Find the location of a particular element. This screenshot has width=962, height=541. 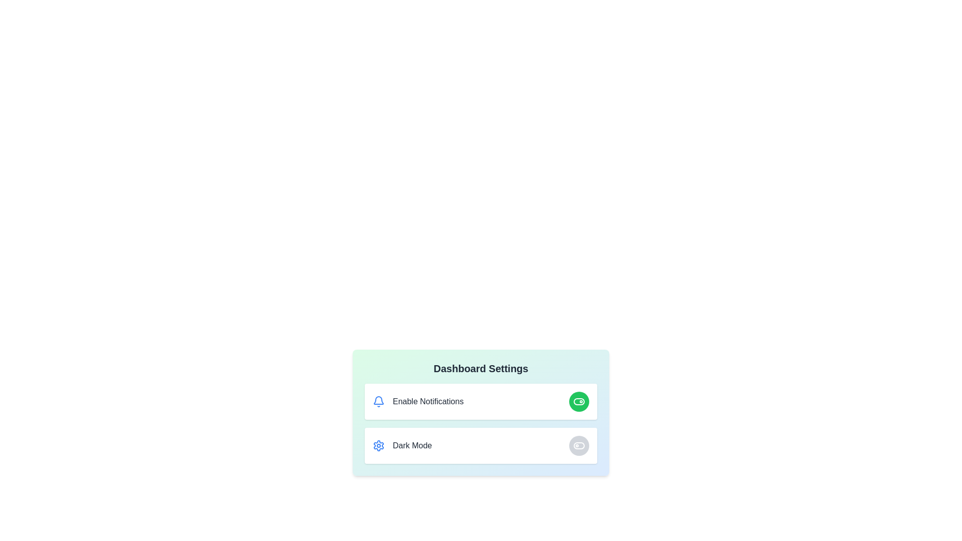

the toggle switch background for 'Enable Notifications' in the 'Dashboard Settings' section, which is a green rectangular component with rounded corners is located at coordinates (579, 401).